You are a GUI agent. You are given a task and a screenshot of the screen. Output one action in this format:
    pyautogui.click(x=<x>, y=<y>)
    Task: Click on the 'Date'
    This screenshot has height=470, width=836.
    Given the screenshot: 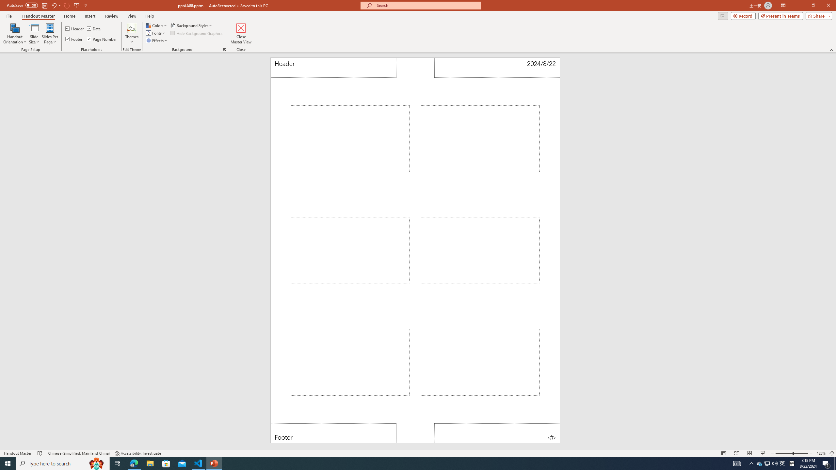 What is the action you would take?
    pyautogui.click(x=94, y=28)
    